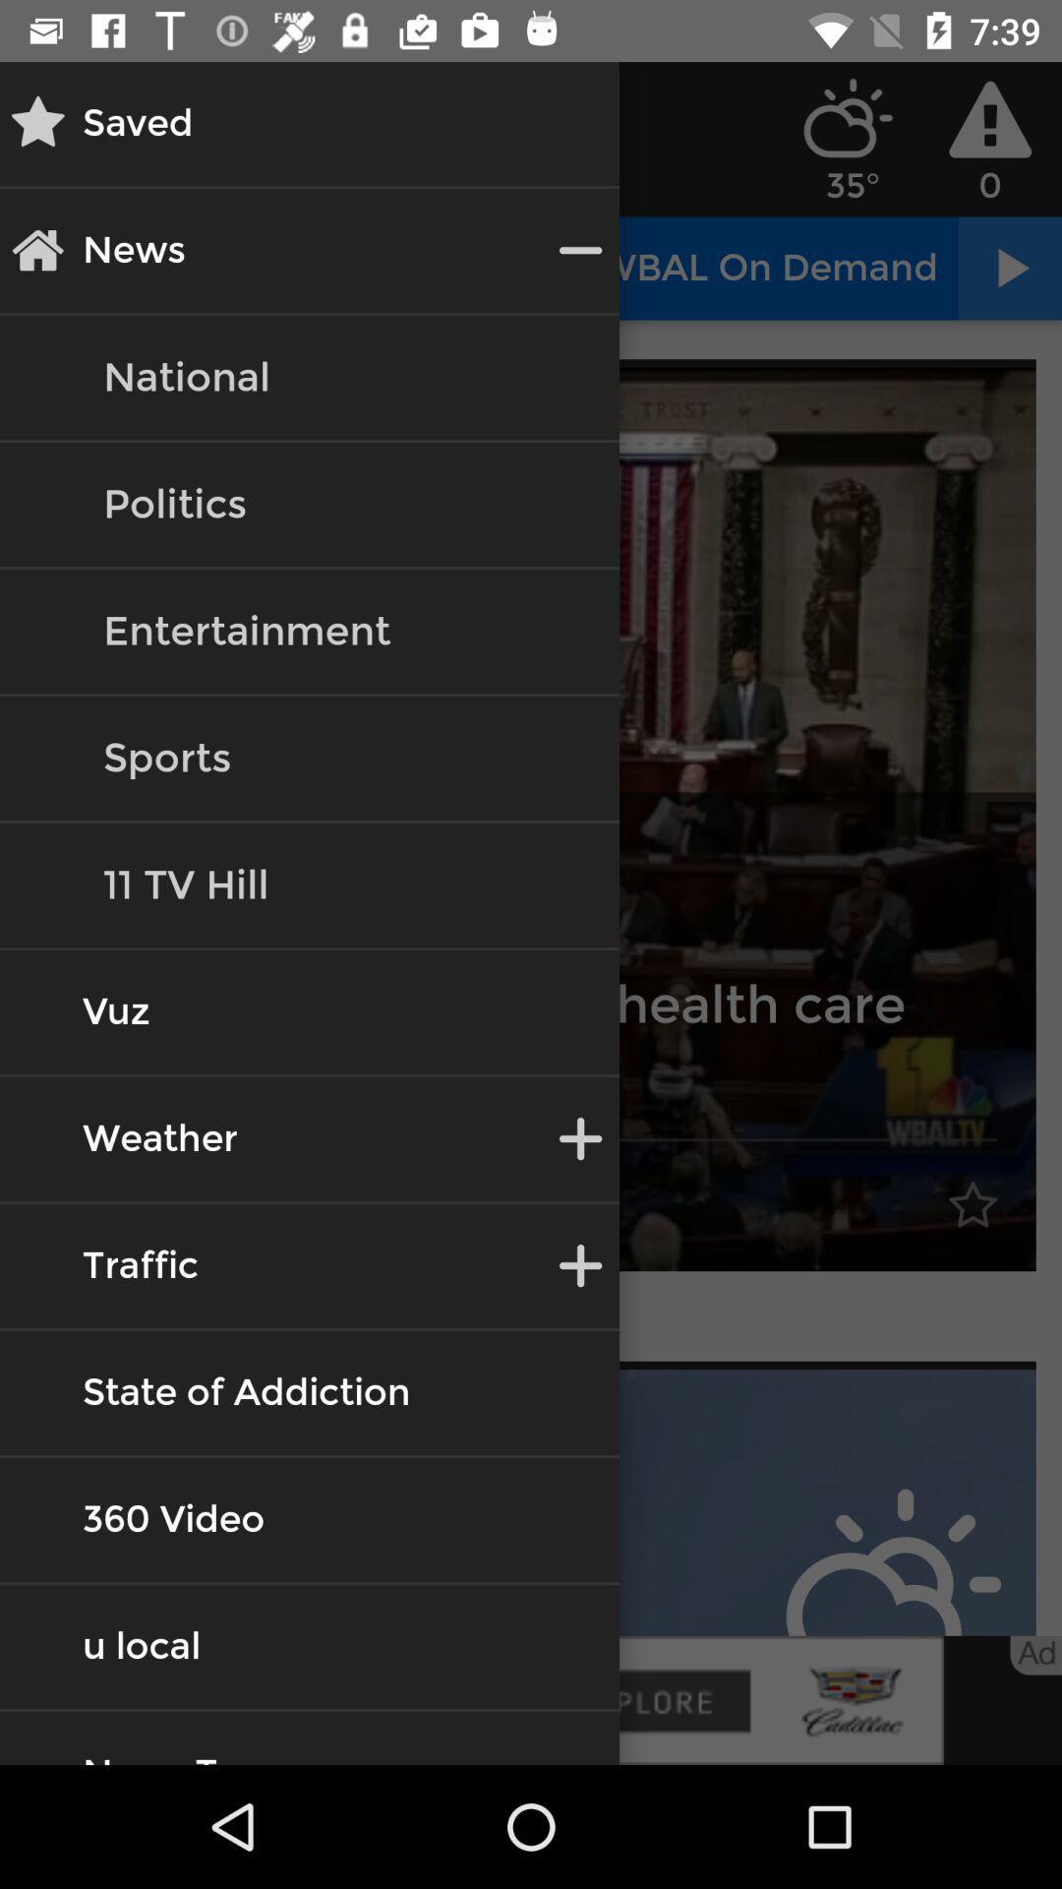 This screenshot has width=1062, height=1889. Describe the element at coordinates (158, 1138) in the screenshot. I see `the text weather` at that location.